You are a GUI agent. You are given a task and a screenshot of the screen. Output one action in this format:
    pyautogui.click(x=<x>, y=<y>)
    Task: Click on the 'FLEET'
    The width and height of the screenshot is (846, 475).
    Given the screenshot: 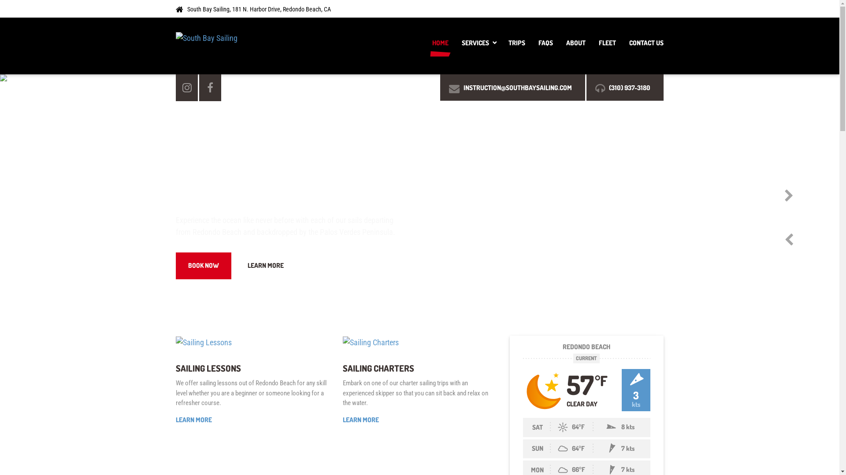 What is the action you would take?
    pyautogui.click(x=592, y=46)
    